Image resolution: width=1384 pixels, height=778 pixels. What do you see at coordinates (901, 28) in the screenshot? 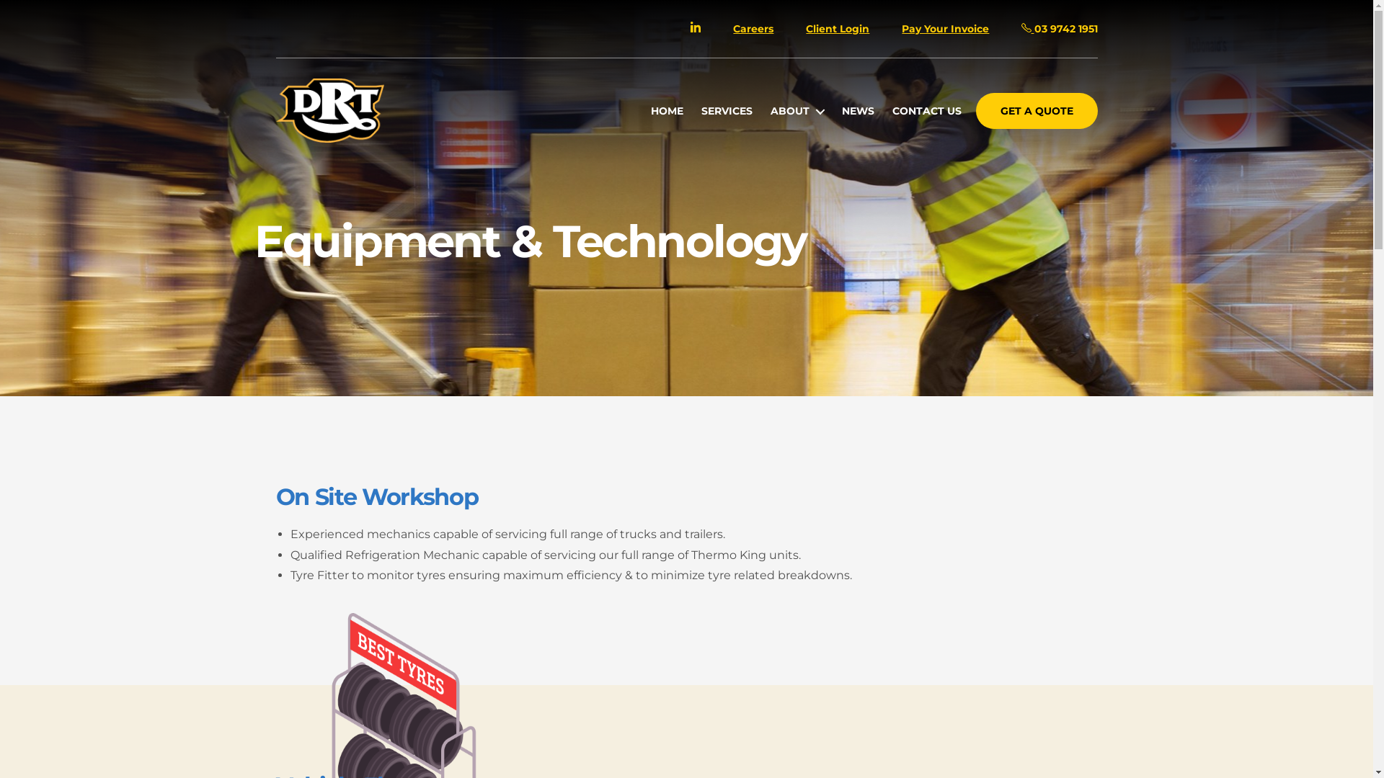
I see `'Pay Your Invoice'` at bounding box center [901, 28].